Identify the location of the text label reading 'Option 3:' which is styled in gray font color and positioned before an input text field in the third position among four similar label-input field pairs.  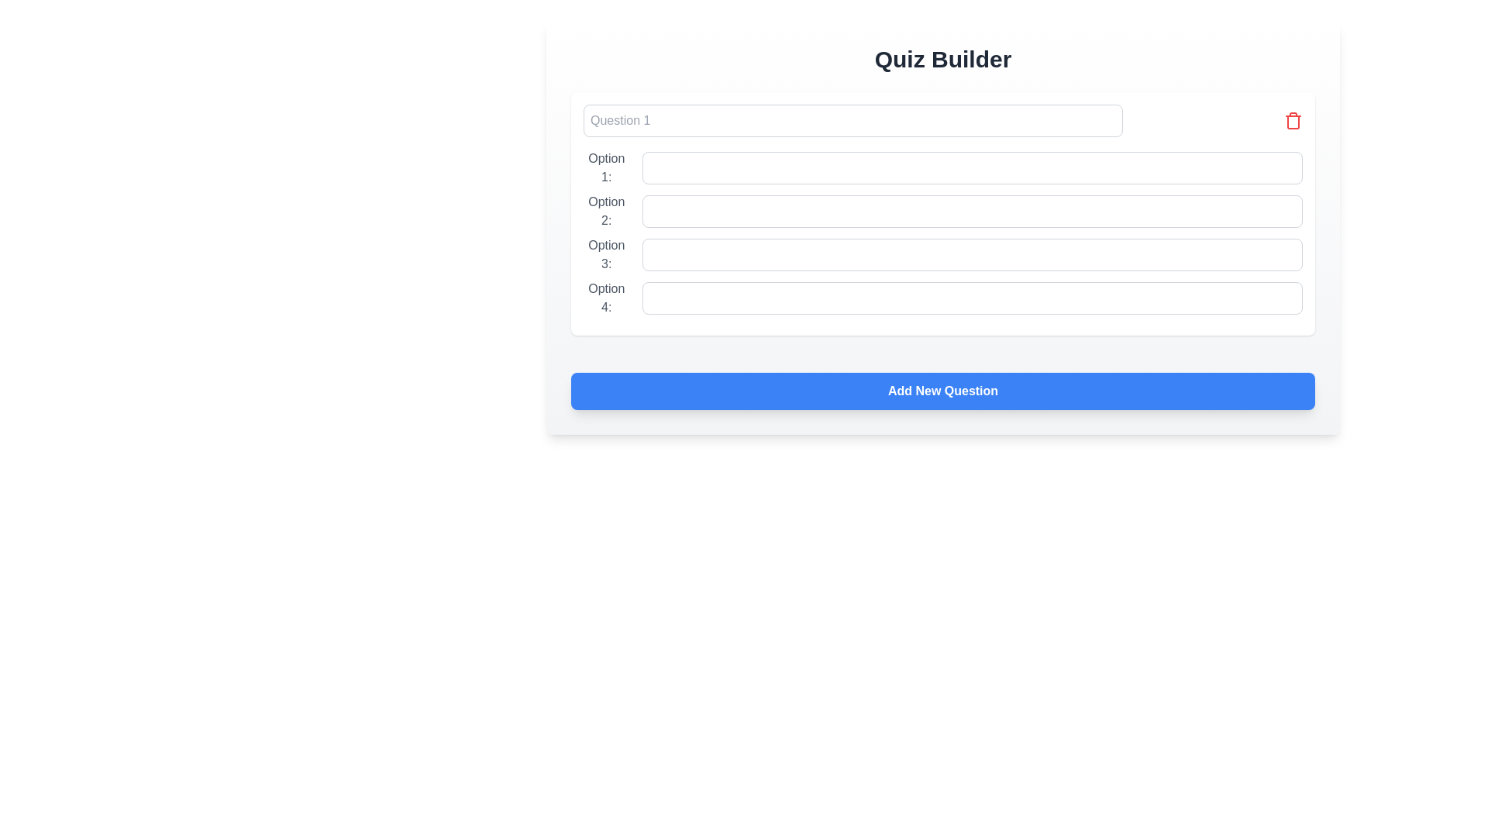
(605, 253).